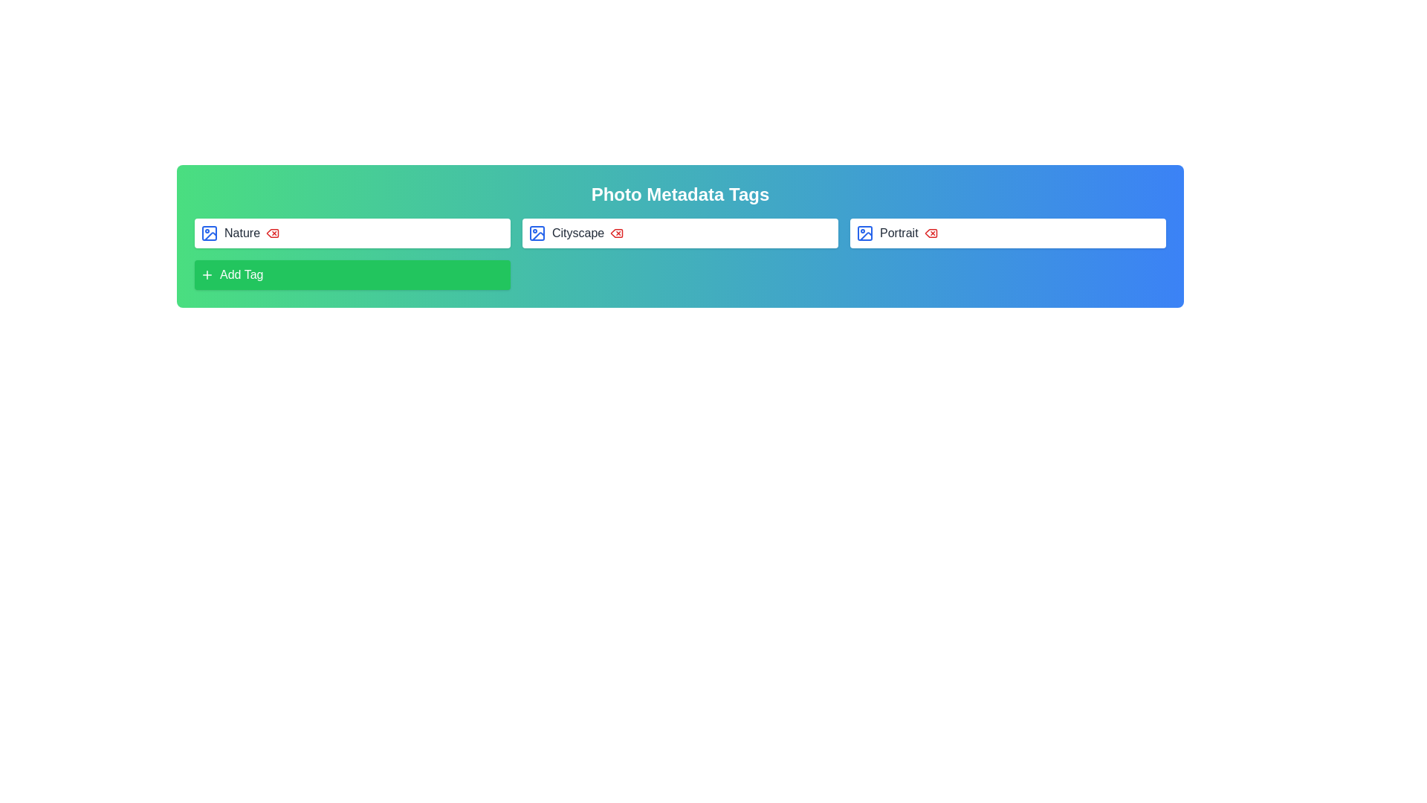  I want to click on the rectangular outline inside the photo icon that is adjacent to the text label 'Nature' in the first row of the UI, so click(209, 233).